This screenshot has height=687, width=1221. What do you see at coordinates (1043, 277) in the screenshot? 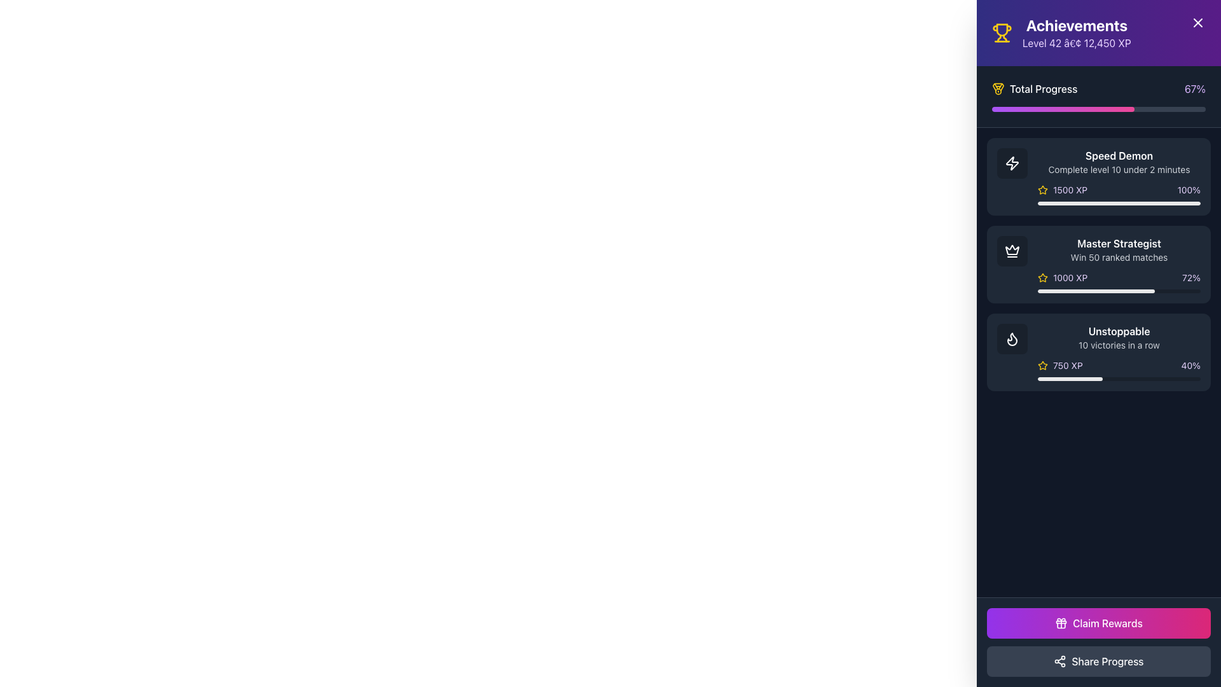
I see `the first star-shaped icon in the list of achievement items on the right sidebar, which serves as a visual indicator for achievements` at bounding box center [1043, 277].